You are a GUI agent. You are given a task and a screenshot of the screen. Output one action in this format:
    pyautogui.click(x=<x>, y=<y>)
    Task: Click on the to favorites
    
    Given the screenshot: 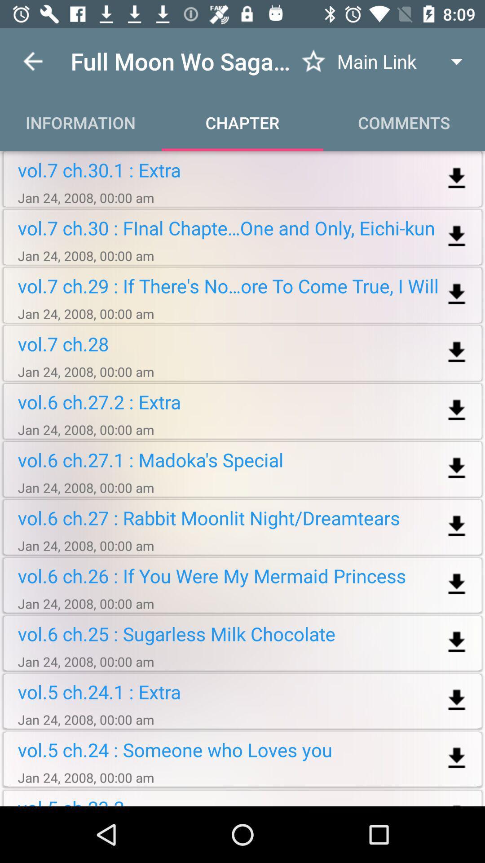 What is the action you would take?
    pyautogui.click(x=313, y=61)
    